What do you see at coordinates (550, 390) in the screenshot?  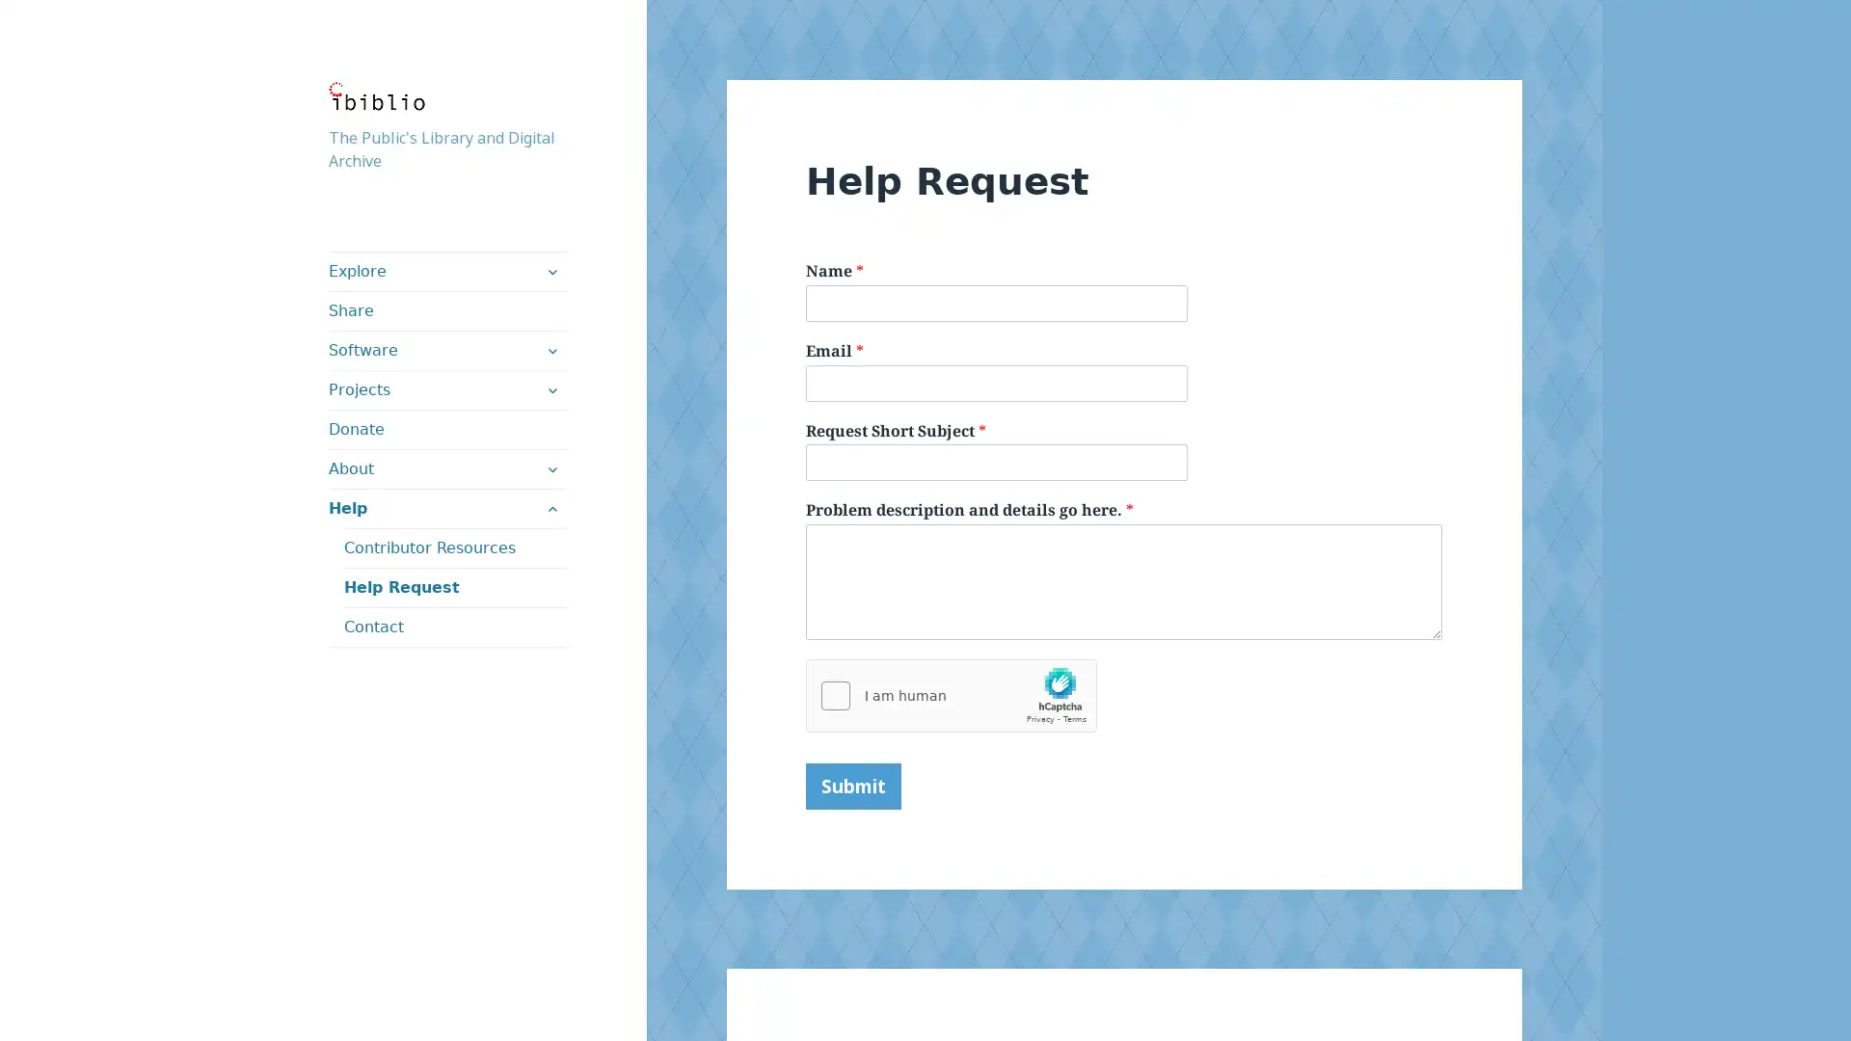 I see `expand child menu` at bounding box center [550, 390].